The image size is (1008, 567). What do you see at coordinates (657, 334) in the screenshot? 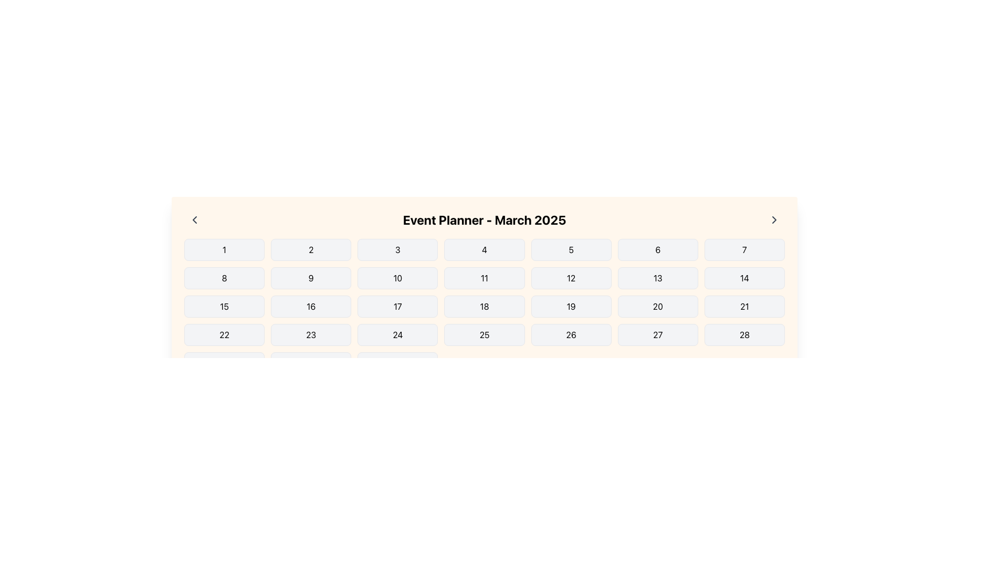
I see `the button displaying the number '27', which is part of a grid of date buttons in a calendar view for March 2025` at bounding box center [657, 334].